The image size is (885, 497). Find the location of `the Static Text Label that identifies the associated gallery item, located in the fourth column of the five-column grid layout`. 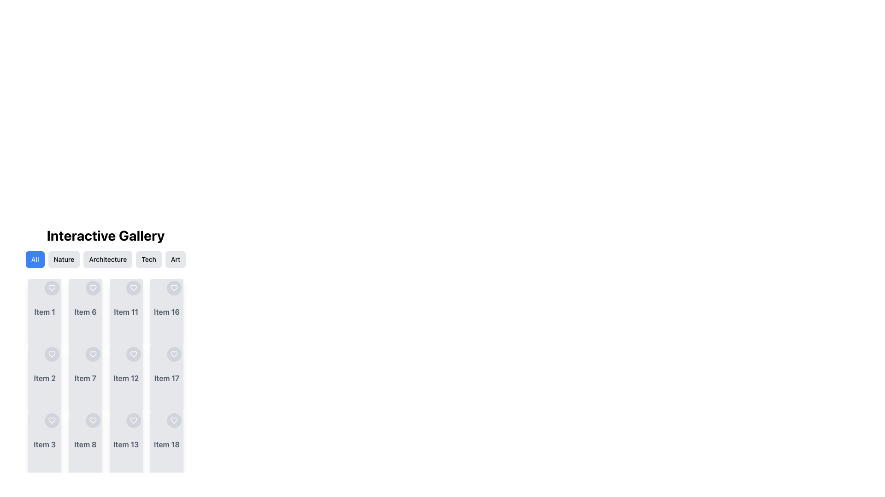

the Static Text Label that identifies the associated gallery item, located in the fourth column of the five-column grid layout is located at coordinates (166, 312).